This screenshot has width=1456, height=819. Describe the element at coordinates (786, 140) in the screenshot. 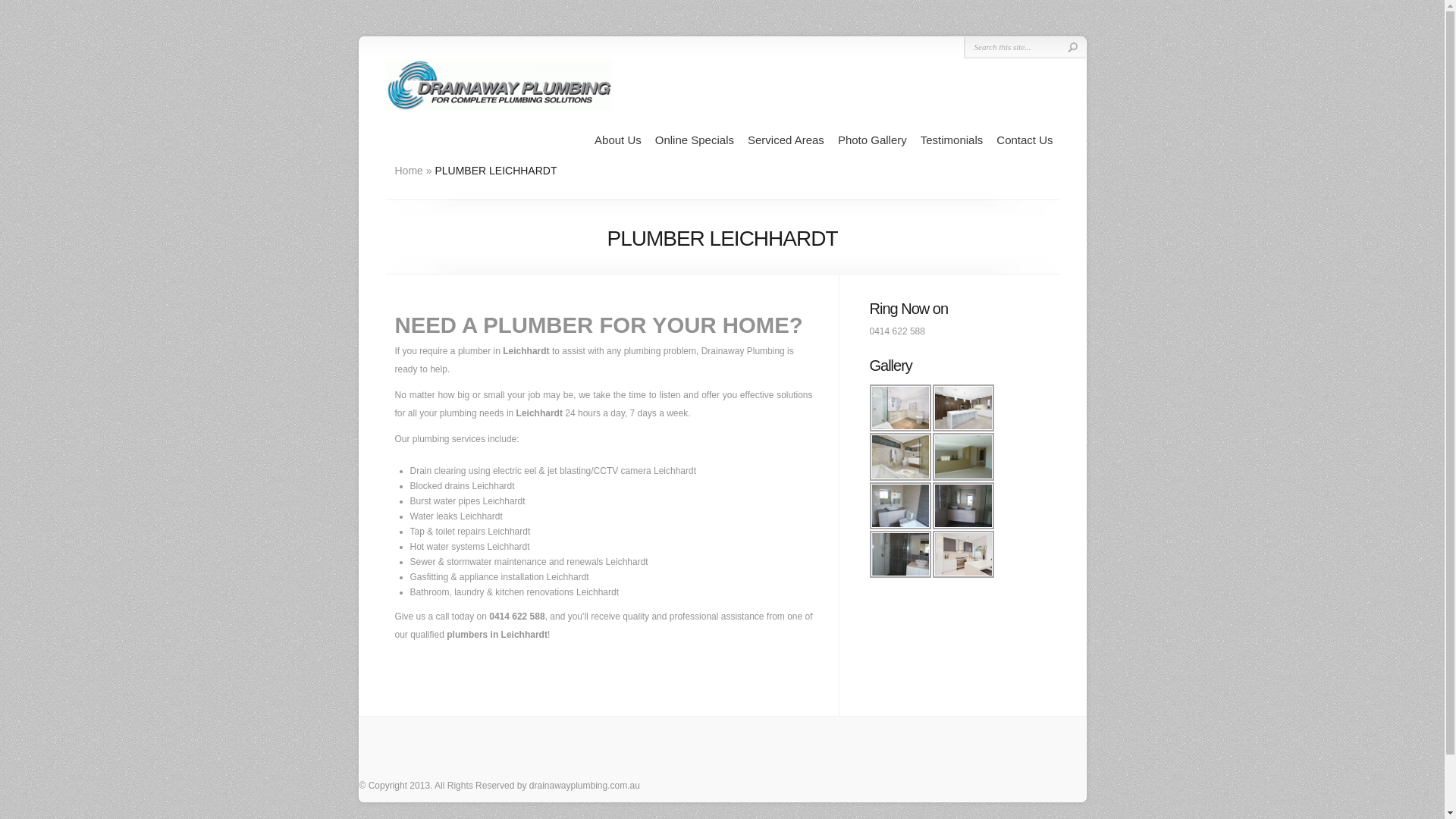

I see `'Serviced Areas'` at that location.